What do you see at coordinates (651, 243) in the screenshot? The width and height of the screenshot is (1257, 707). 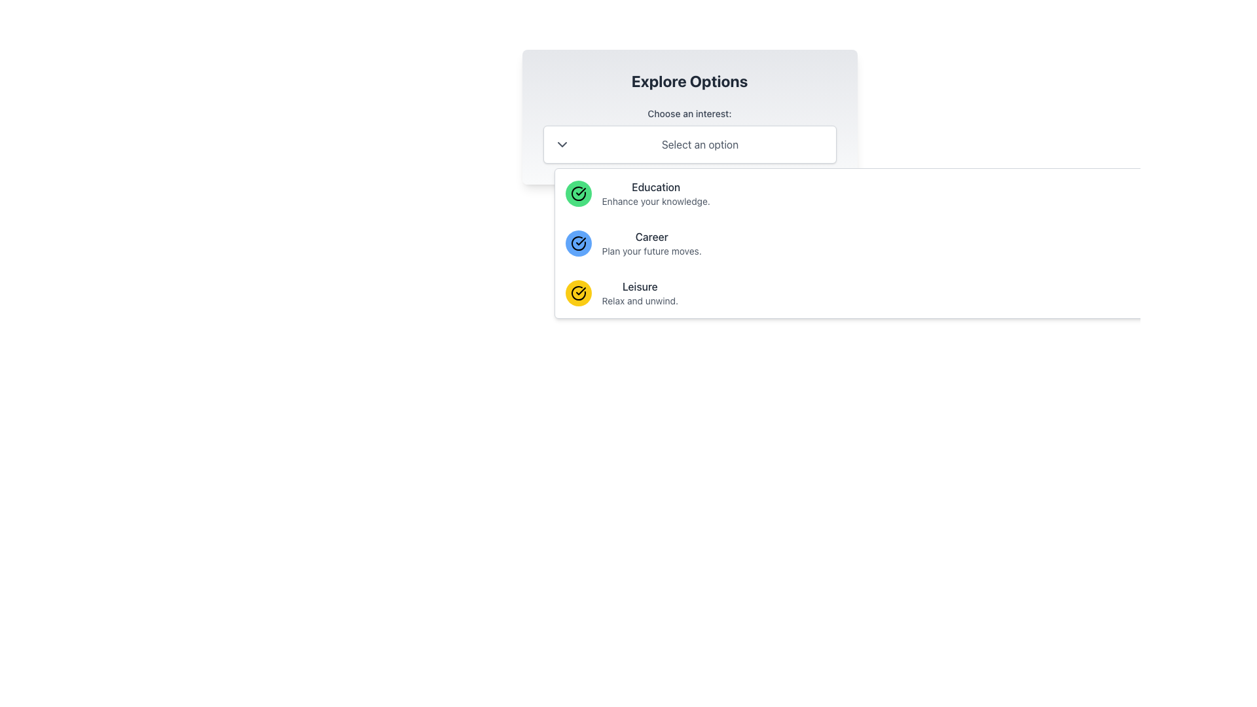 I see `the 'Career' category list item, which is the second option in the dropdown menu, located below 'Education' and above 'Leisure'` at bounding box center [651, 243].